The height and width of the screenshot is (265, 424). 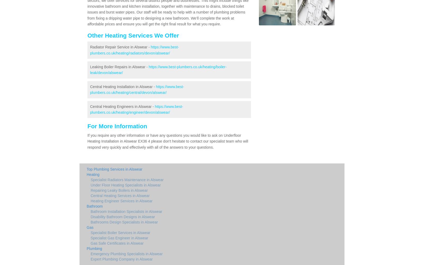 What do you see at coordinates (133, 35) in the screenshot?
I see `'Other Heating Services We Offer'` at bounding box center [133, 35].